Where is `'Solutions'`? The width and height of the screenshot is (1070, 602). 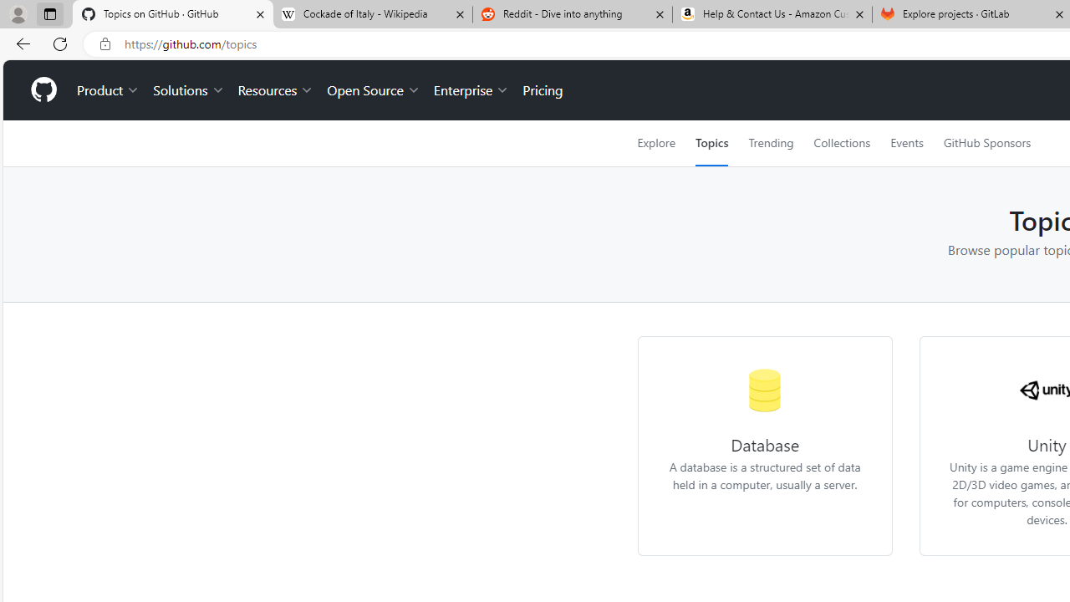 'Solutions' is located at coordinates (188, 90).